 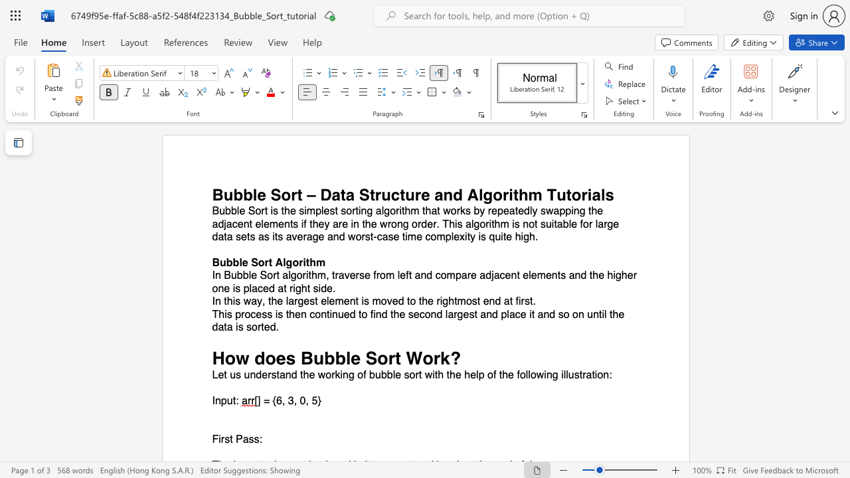 What do you see at coordinates (375, 275) in the screenshot?
I see `the subset text "rom left and compare adjacent elements and the higher one is pla" within the text "In Bubble Sort algorithm, traverse from left and compare adjacent elements and the higher one is placed at right side."` at bounding box center [375, 275].